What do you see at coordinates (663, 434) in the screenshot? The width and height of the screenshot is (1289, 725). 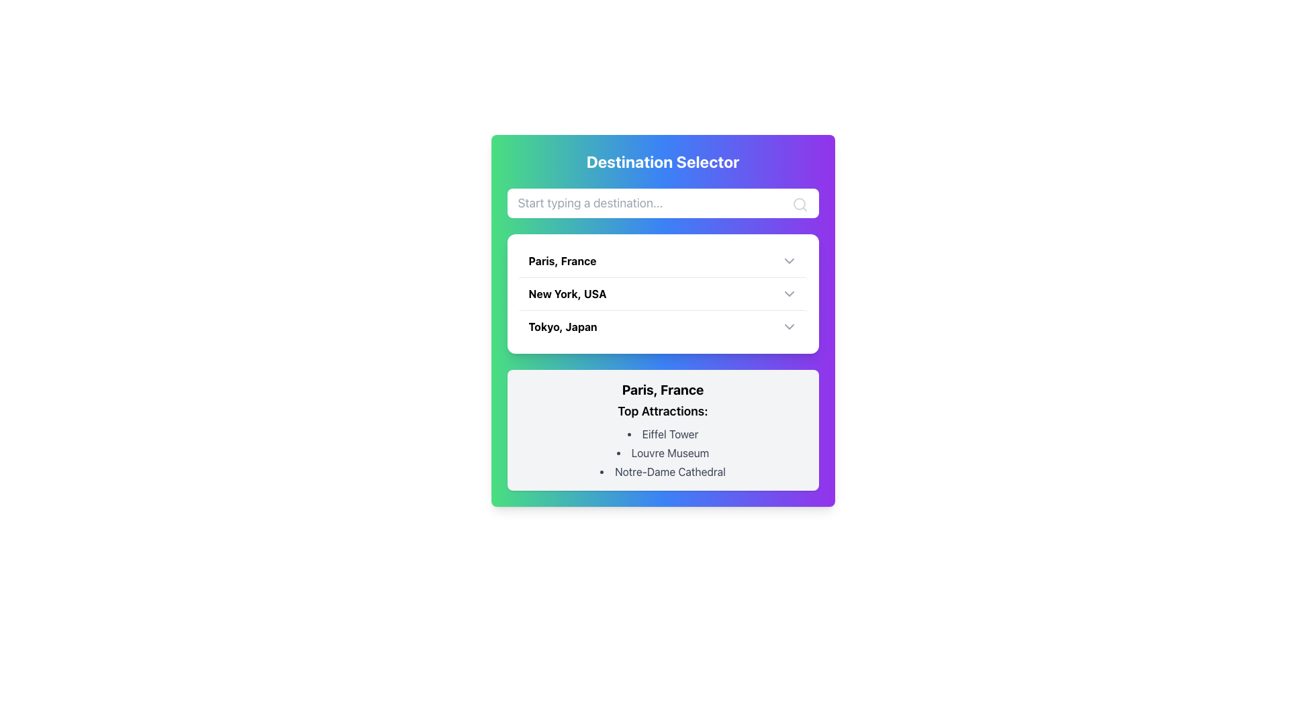 I see `the text label displaying 'Eiffel Tower', which is the first item in the bullet-pointed list of top attractions for 'Paris, France'` at bounding box center [663, 434].